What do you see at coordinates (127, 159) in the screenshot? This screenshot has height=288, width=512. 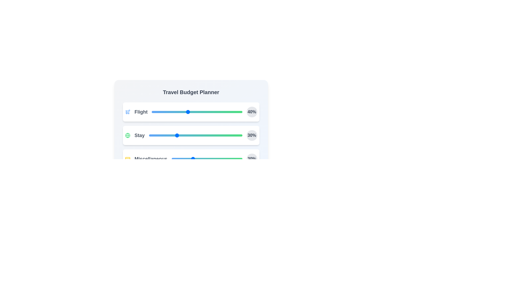 I see `the icon next to the category name Miscellaneous` at bounding box center [127, 159].